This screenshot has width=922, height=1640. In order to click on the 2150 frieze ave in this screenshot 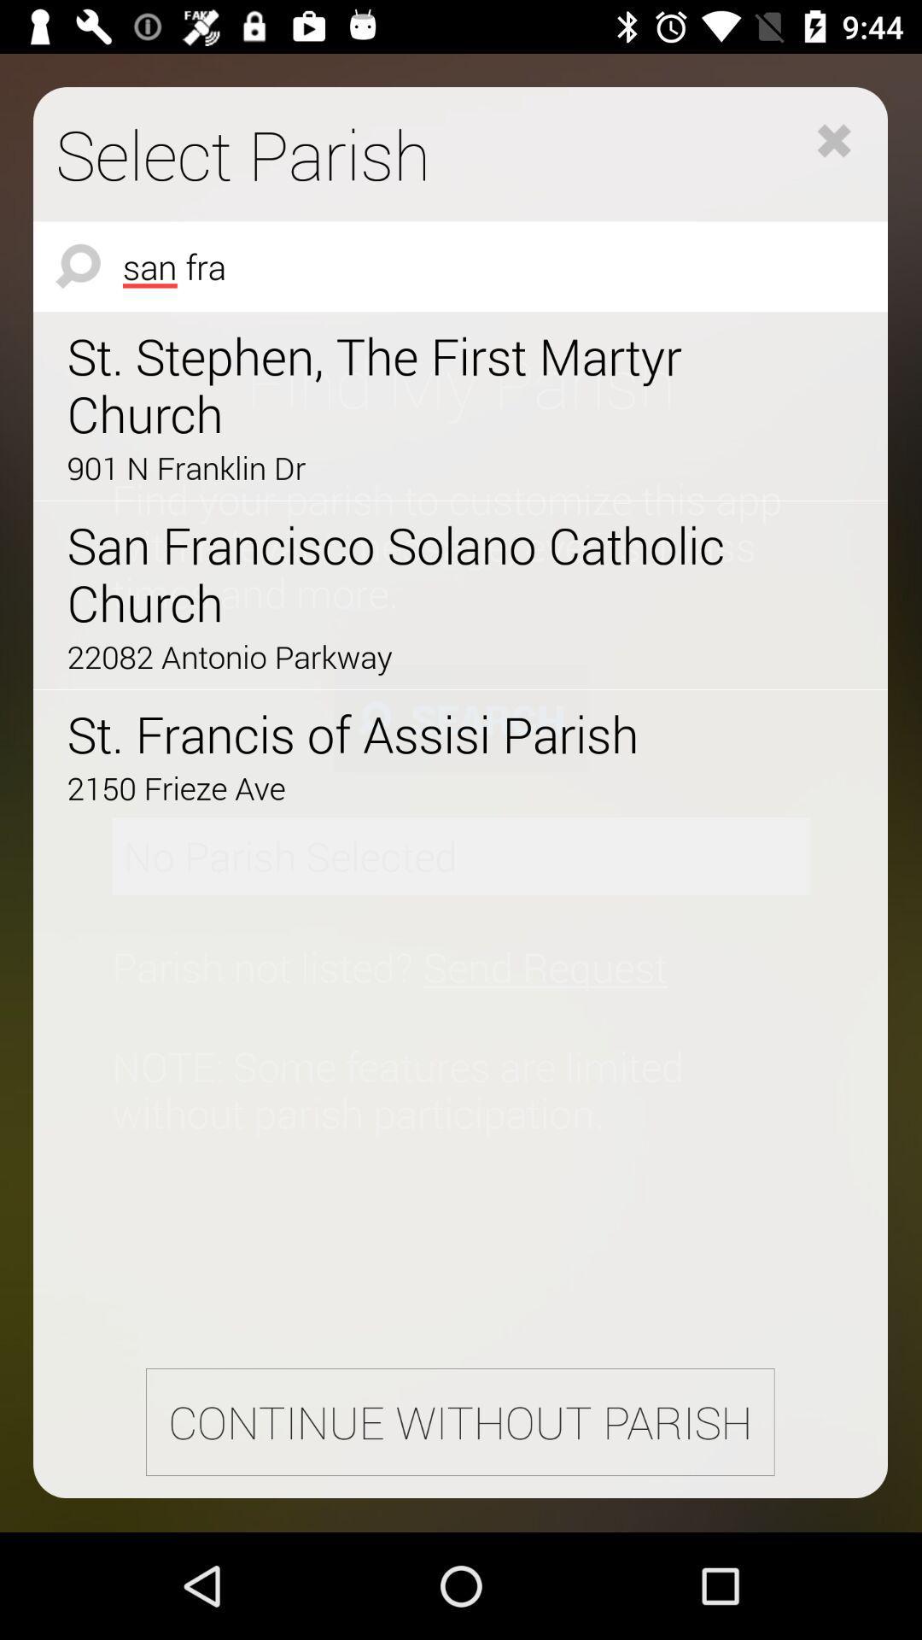, I will do `click(412, 787)`.